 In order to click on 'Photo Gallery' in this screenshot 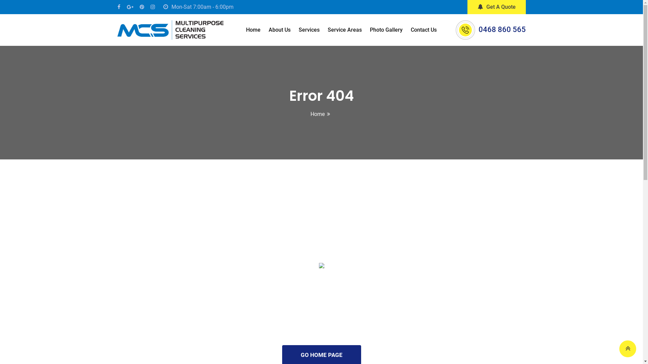, I will do `click(386, 29)`.